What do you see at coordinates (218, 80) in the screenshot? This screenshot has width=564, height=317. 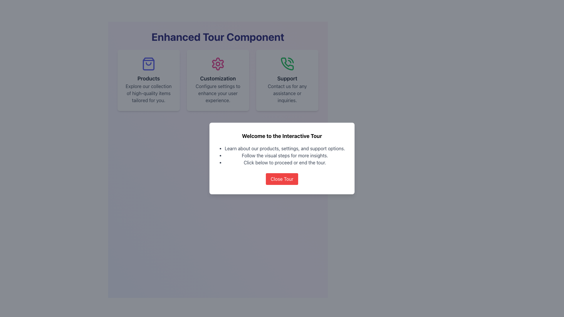 I see `the Informational Card located in the middle of a three-column layout, positioned between the 'Products' card on the left and the 'Support' card on the right` at bounding box center [218, 80].